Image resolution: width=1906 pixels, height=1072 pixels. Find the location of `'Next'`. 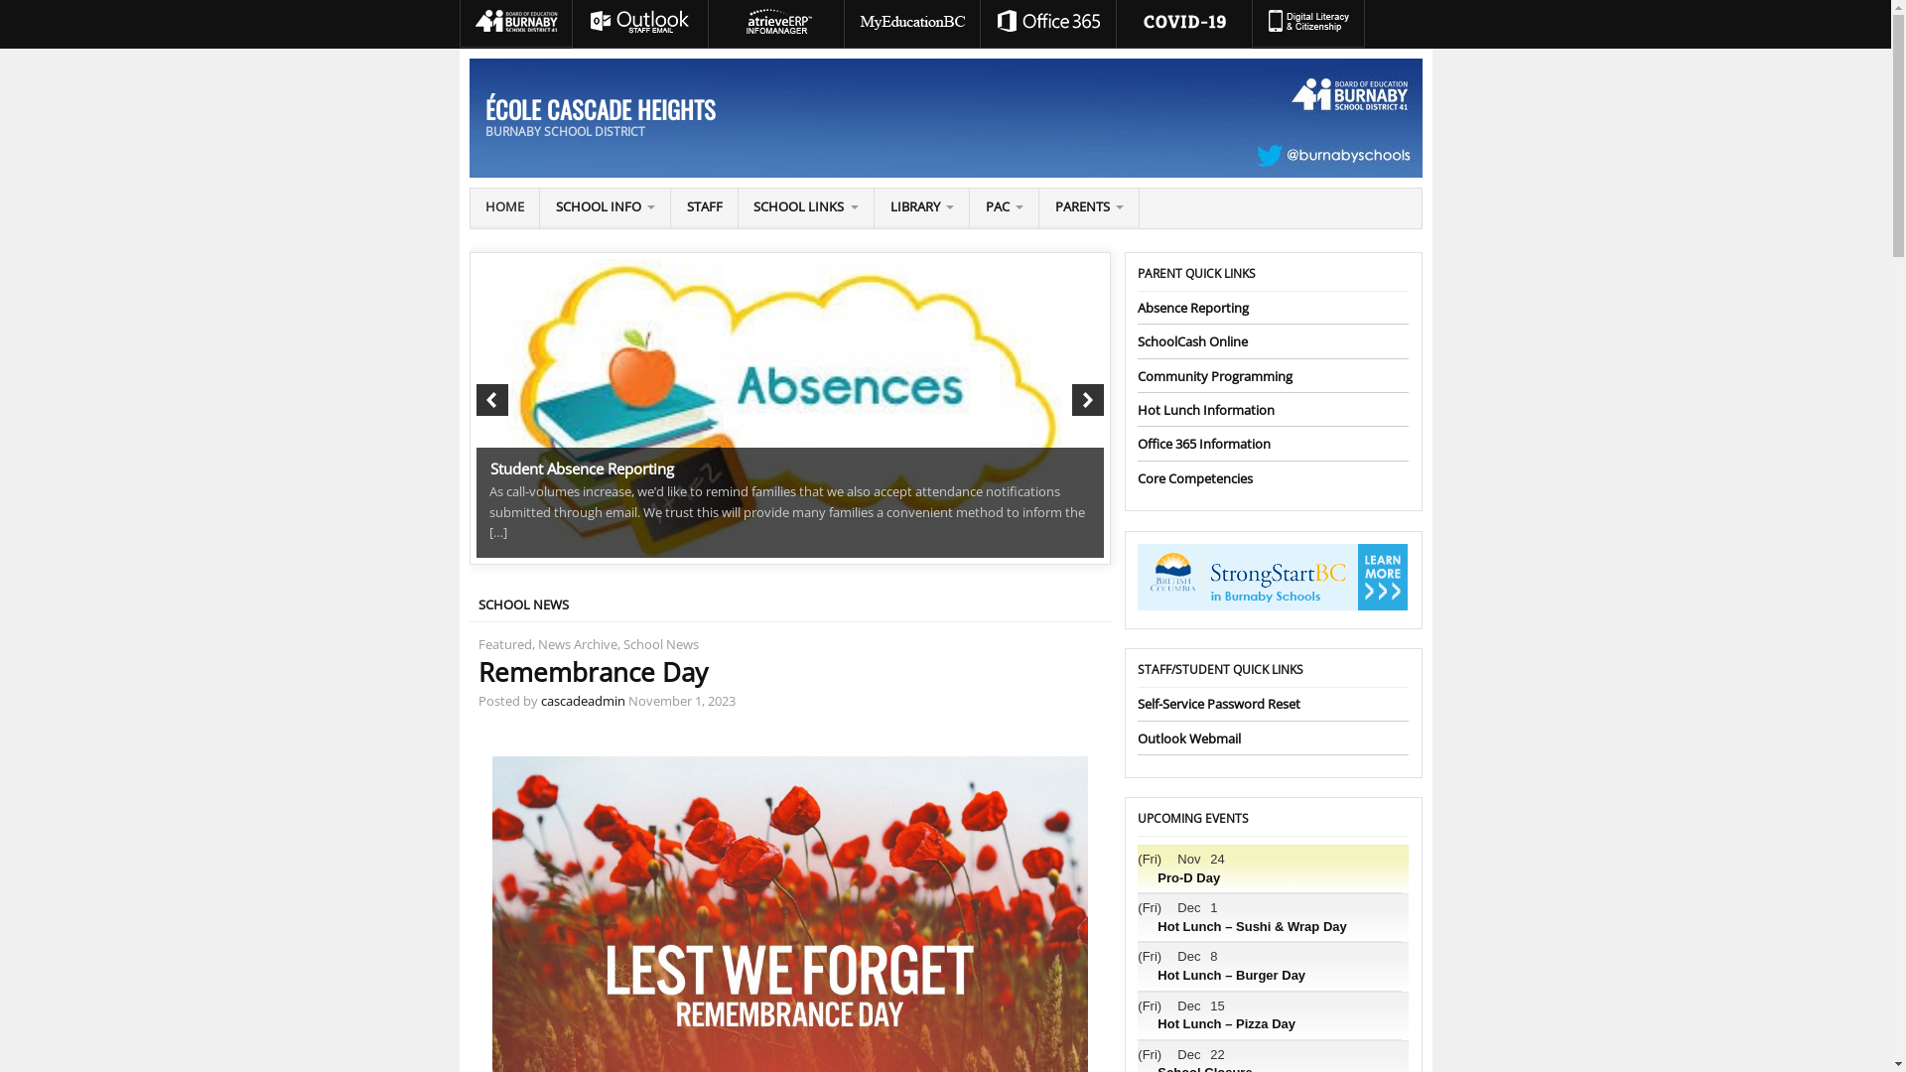

'Next' is located at coordinates (1086, 399).